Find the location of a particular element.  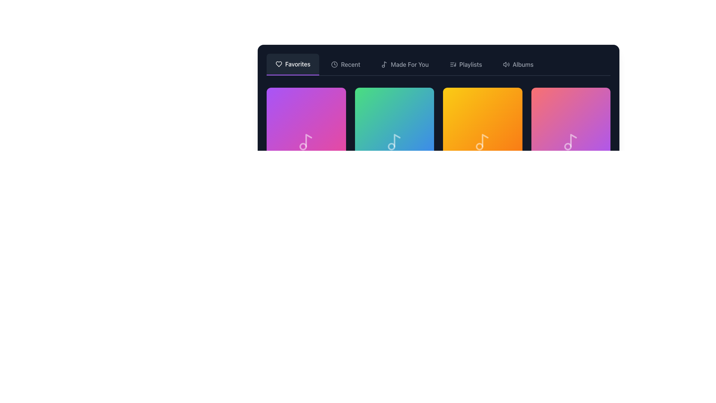

the 'Playlists' button, which is the fourth item in the navigation bar is located at coordinates (465, 64).